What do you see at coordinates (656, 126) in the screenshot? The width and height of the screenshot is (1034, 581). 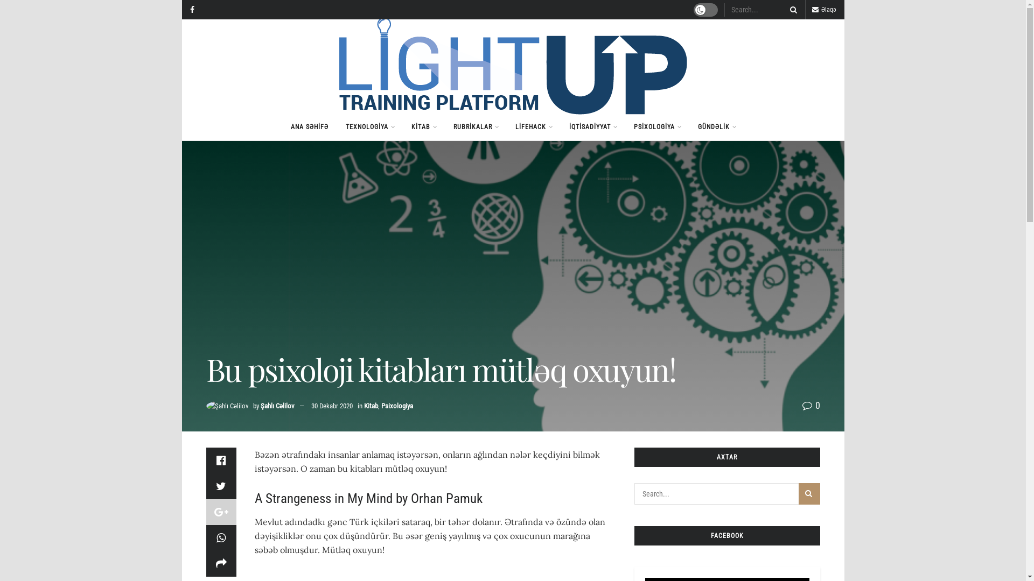 I see `'PSIXOLOGIYA'` at bounding box center [656, 126].